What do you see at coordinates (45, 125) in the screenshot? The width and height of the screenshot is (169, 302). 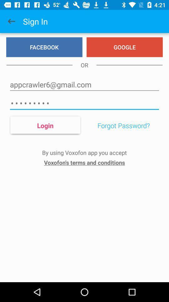 I see `the icon to the left of forgot password?` at bounding box center [45, 125].